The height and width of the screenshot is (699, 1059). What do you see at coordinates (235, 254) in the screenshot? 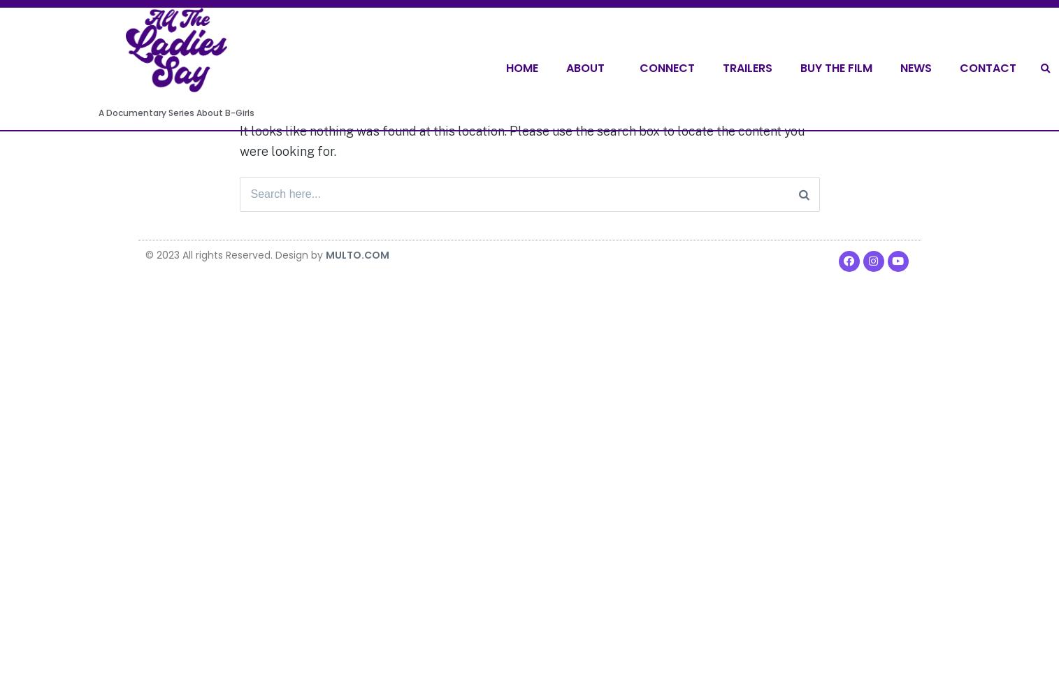
I see `'© 2023 All rights Reserved. Design by'` at bounding box center [235, 254].